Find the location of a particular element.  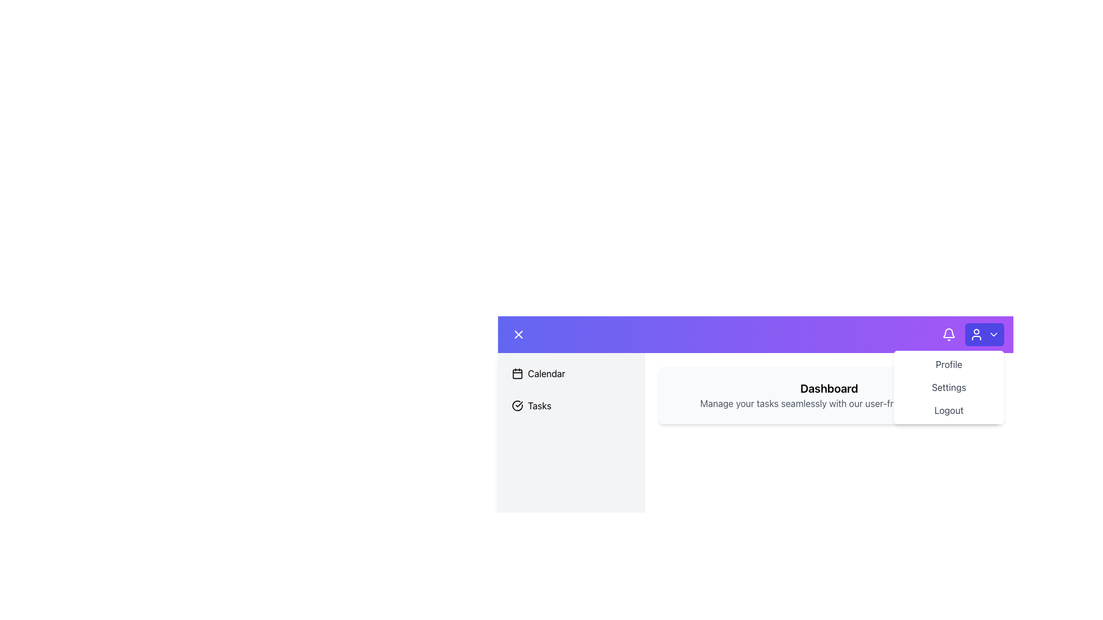

the notification indicator icon located at the top-right section of the interface is located at coordinates (948, 332).